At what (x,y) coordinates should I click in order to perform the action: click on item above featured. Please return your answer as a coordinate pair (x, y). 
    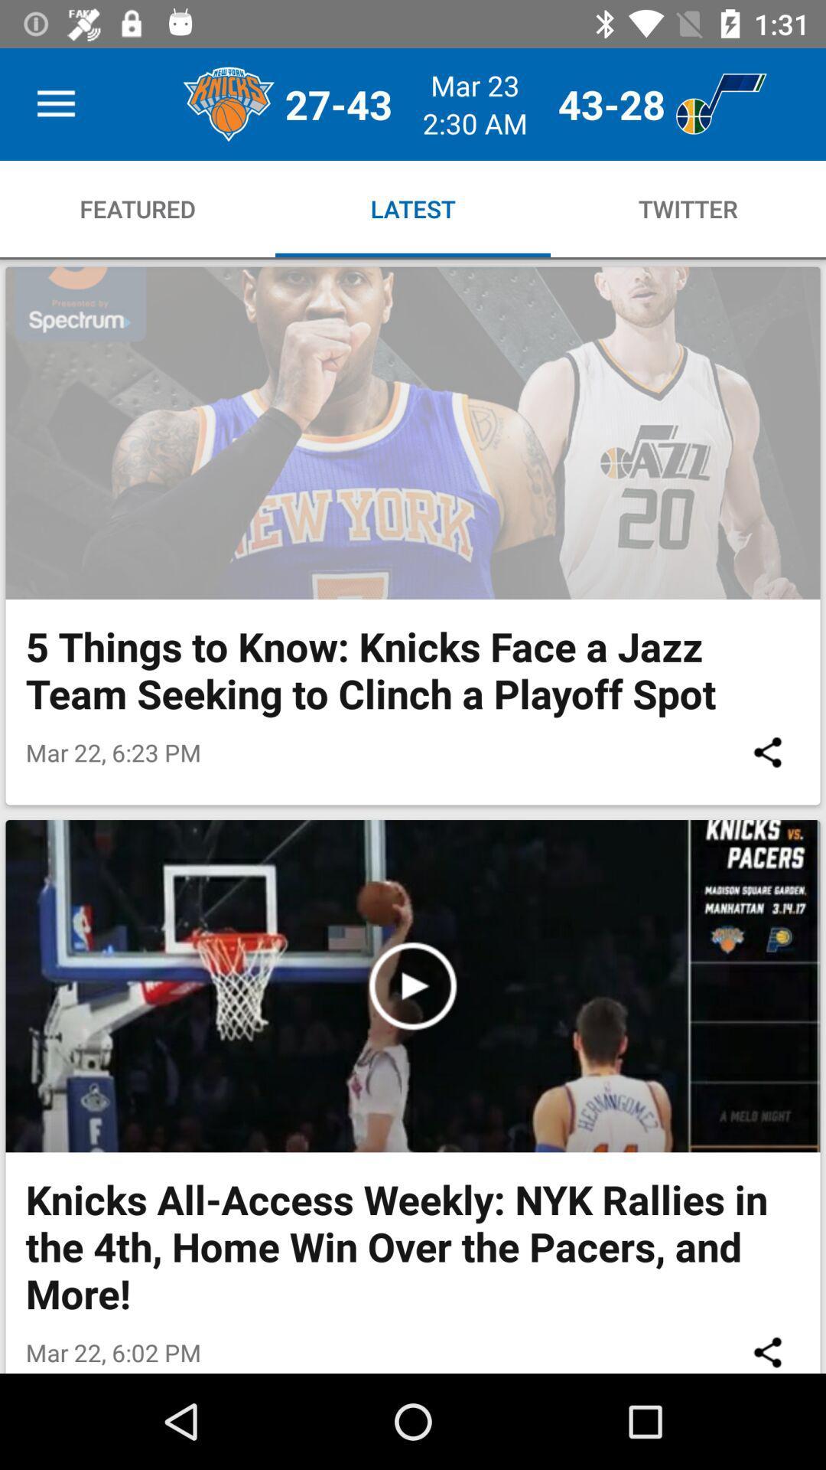
    Looking at the image, I should click on (55, 103).